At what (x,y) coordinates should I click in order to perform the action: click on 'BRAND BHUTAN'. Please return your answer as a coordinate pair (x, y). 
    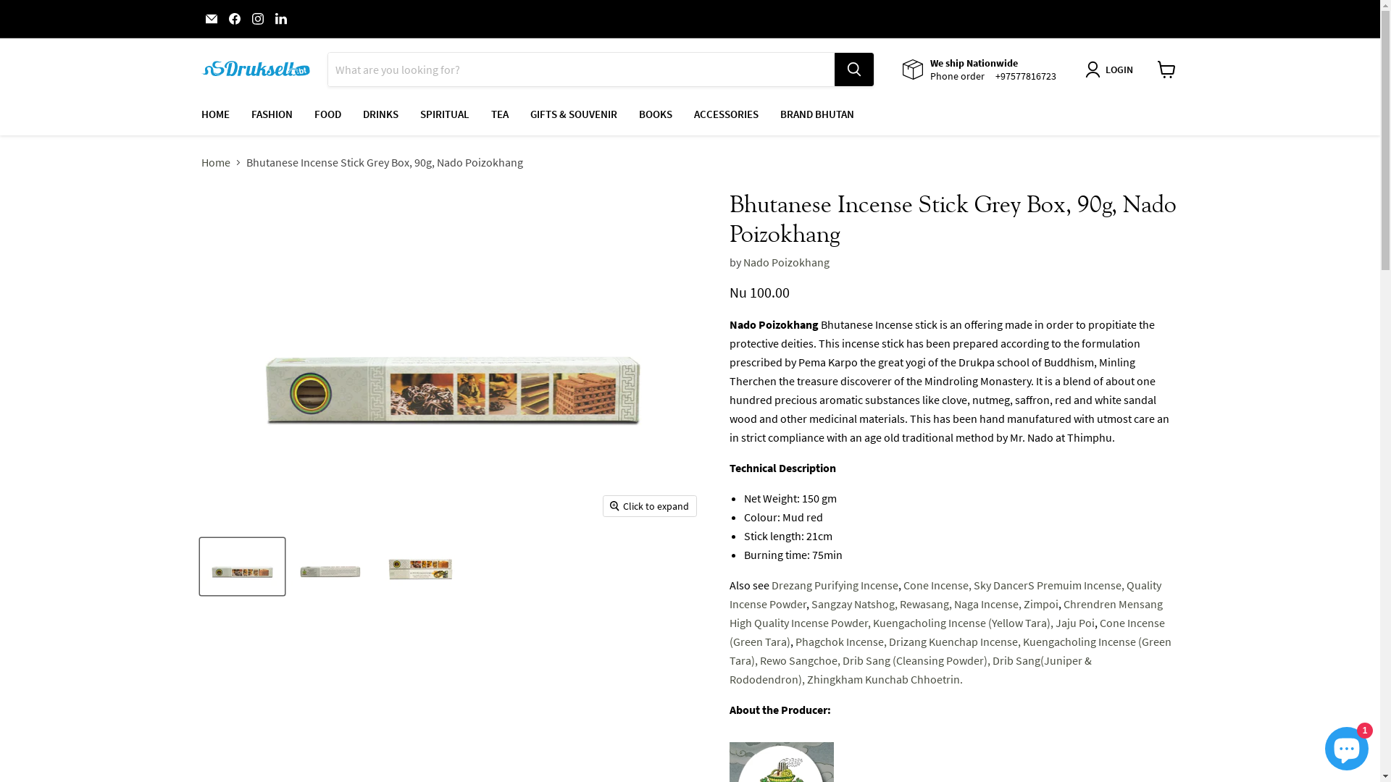
    Looking at the image, I should click on (817, 114).